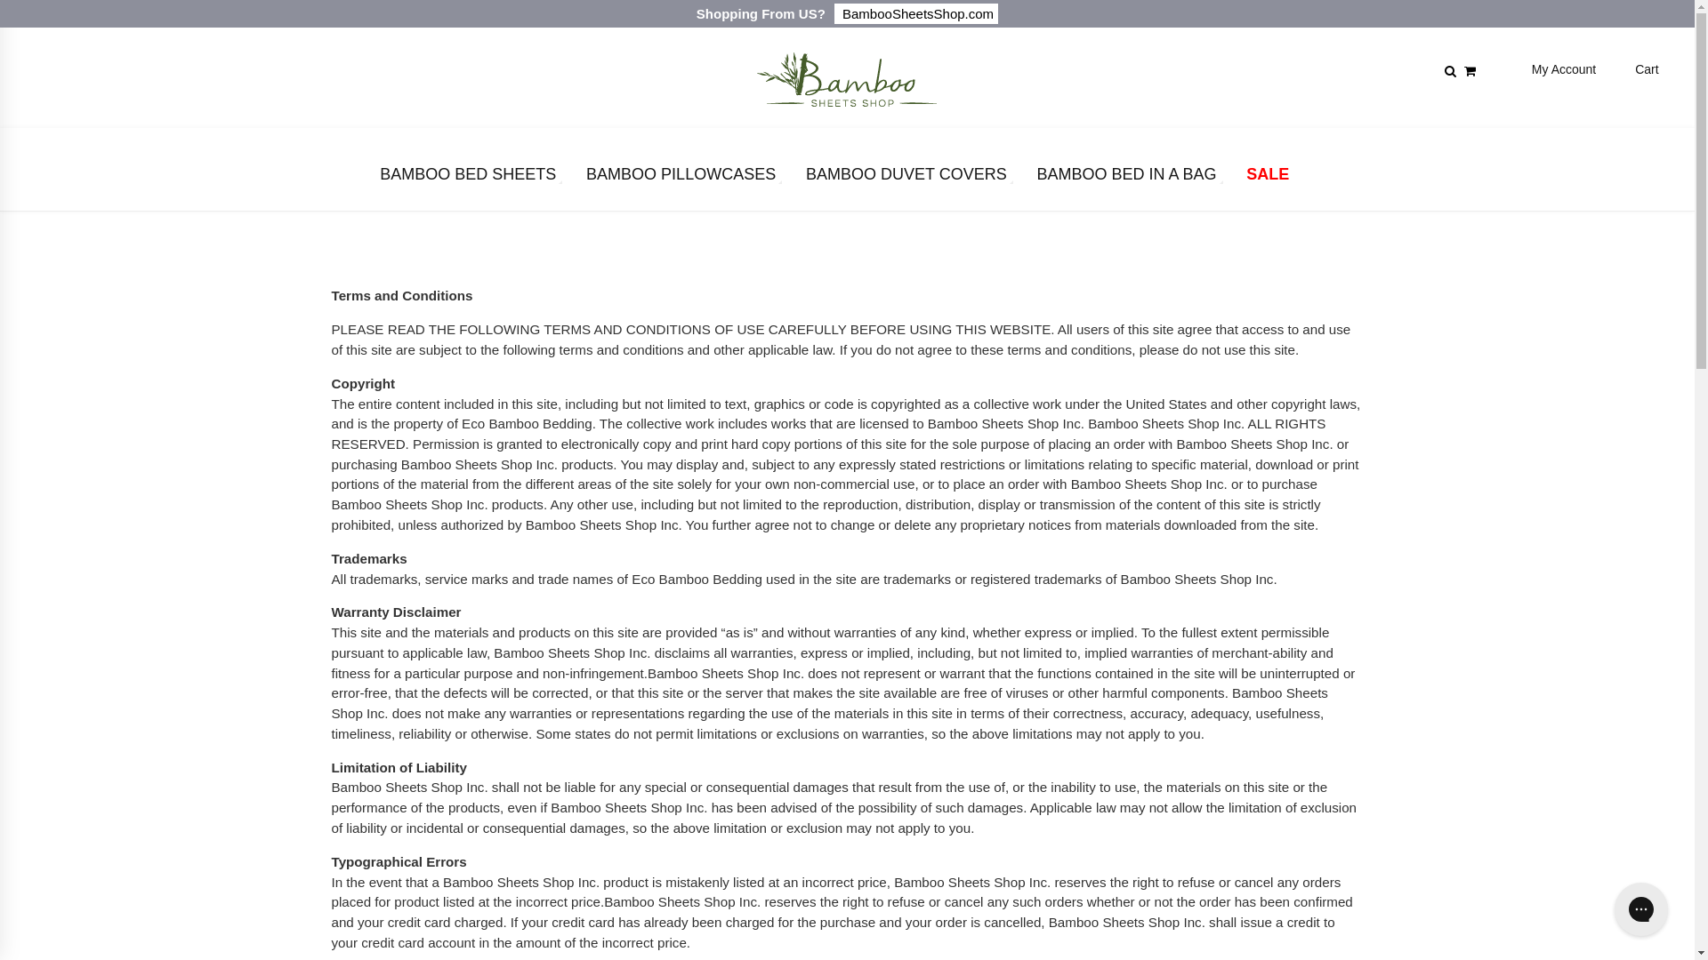  I want to click on 'BAMBOO BED SHEETS', so click(468, 178).